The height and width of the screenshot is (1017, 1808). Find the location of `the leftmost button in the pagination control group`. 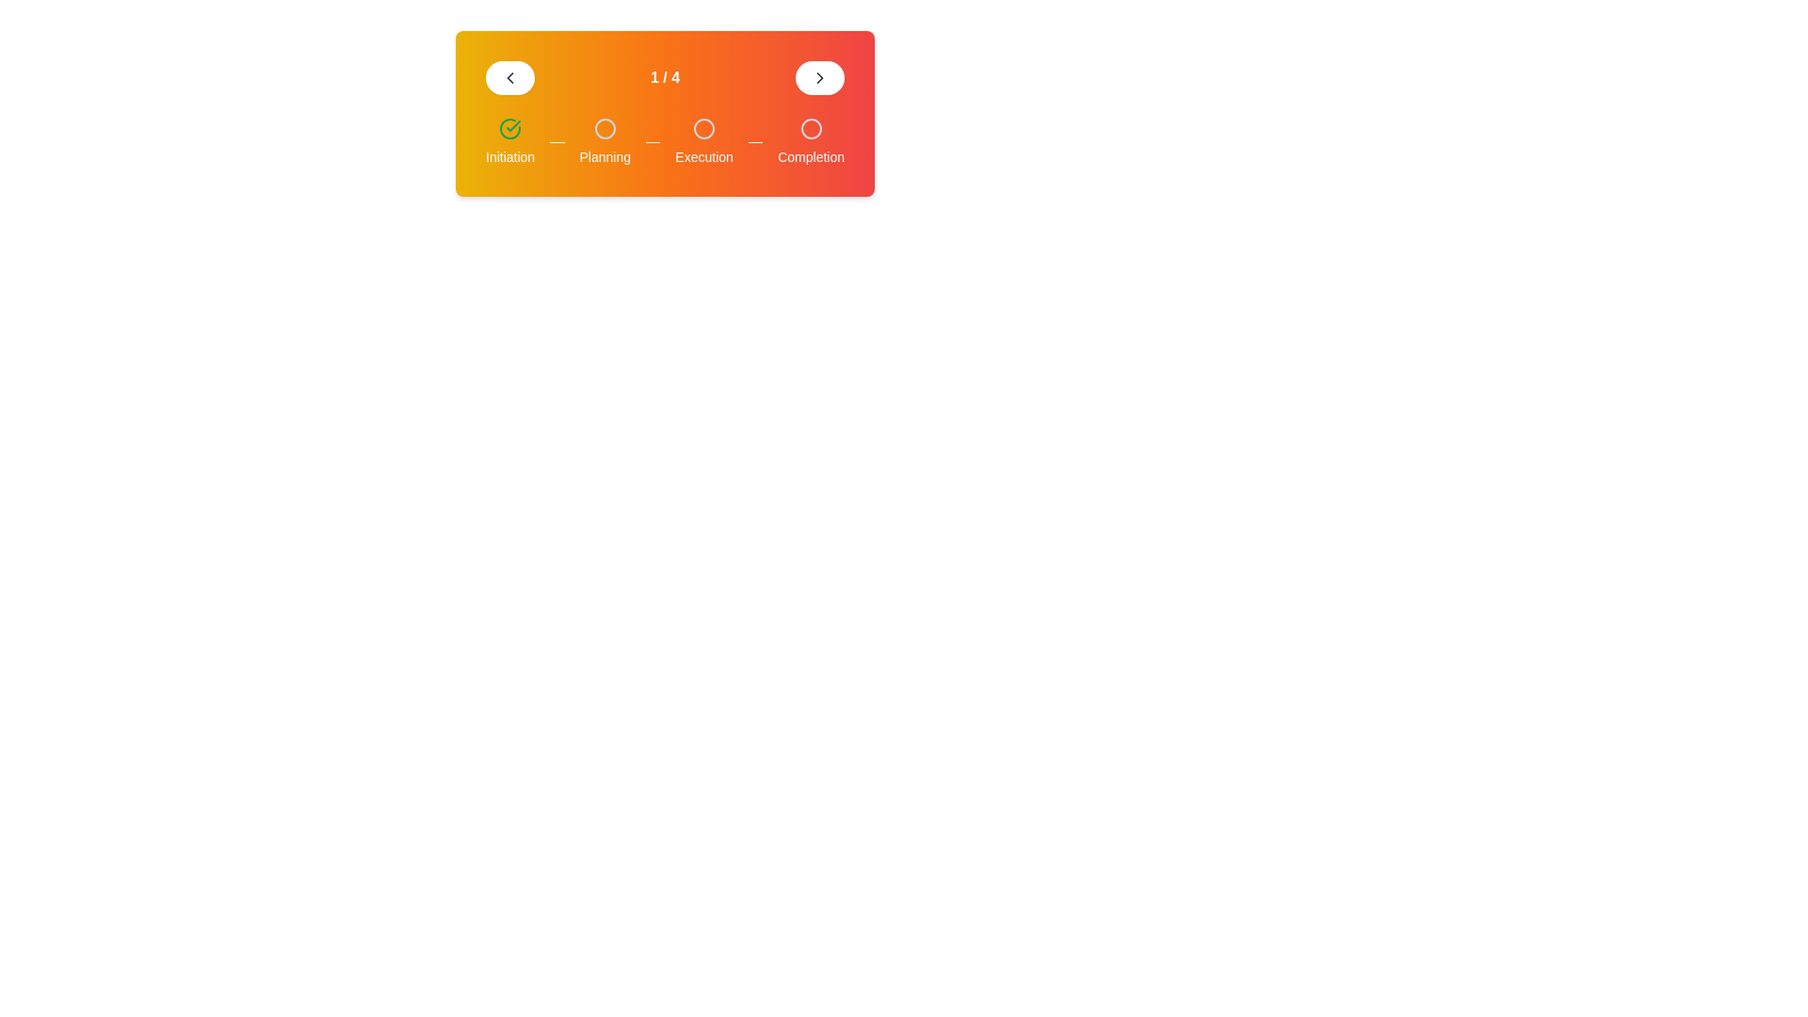

the leftmost button in the pagination control group is located at coordinates (510, 77).